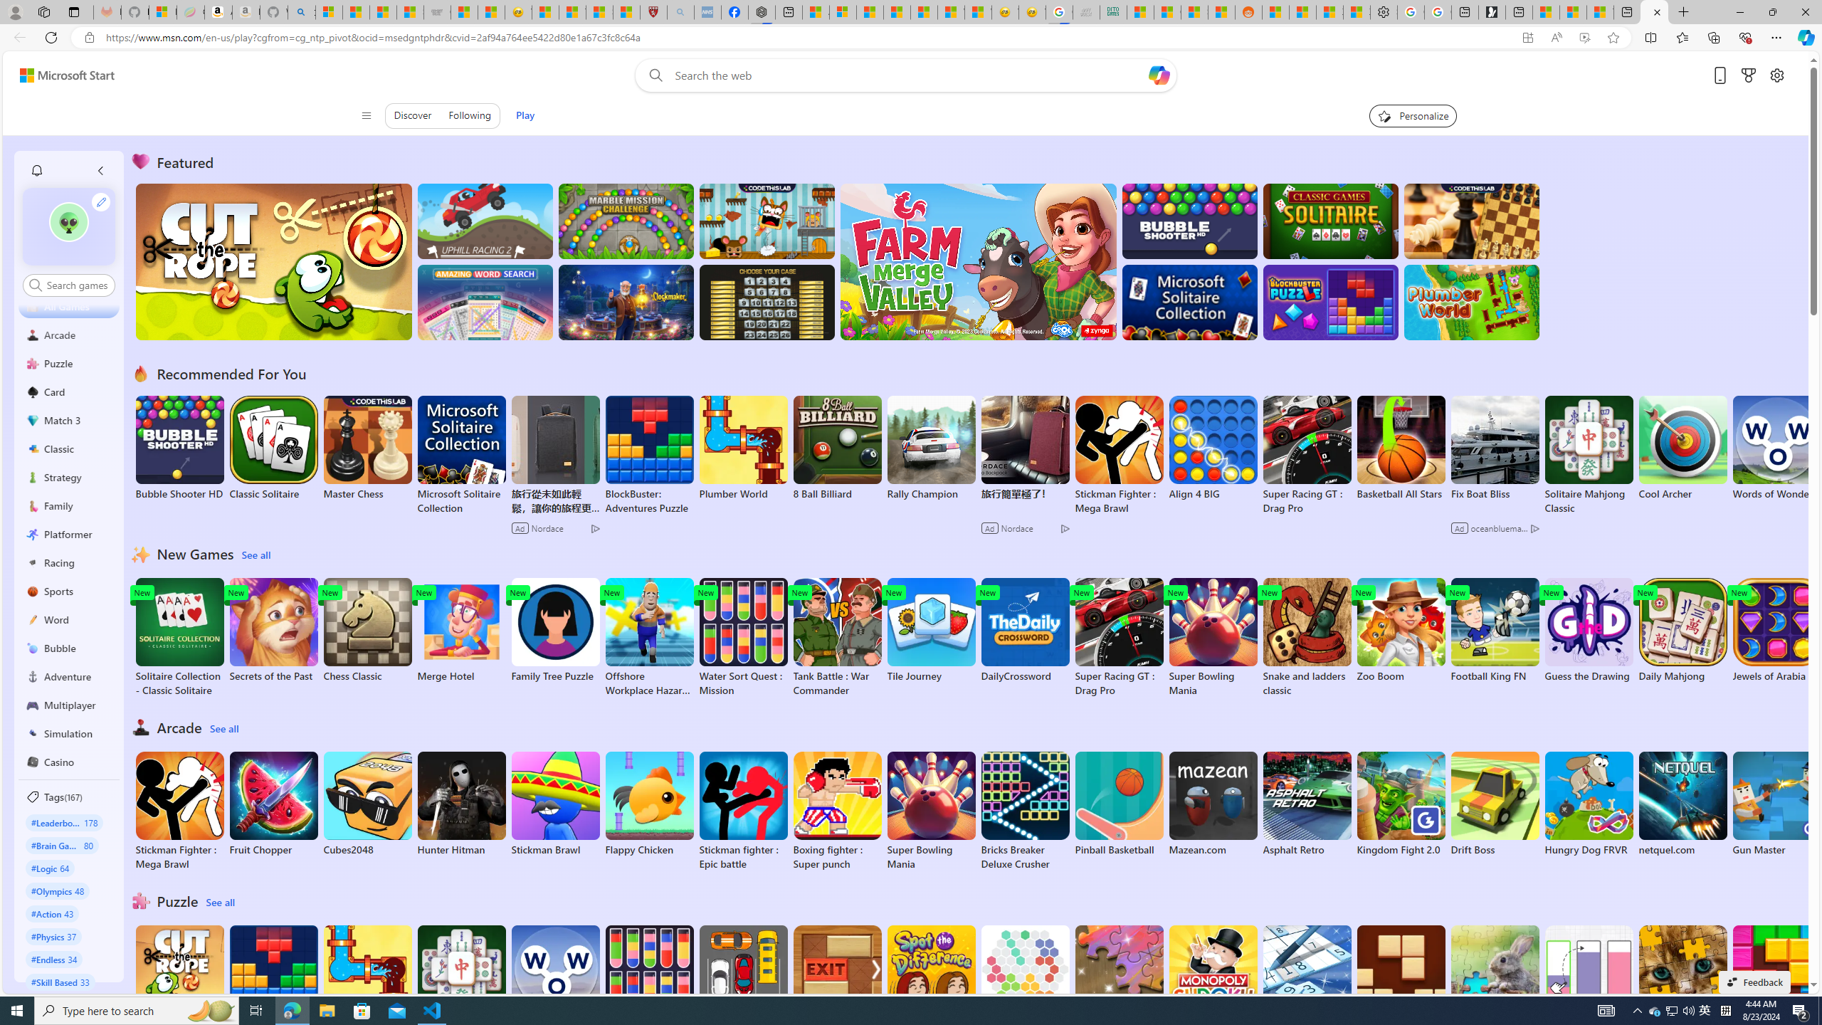 The width and height of the screenshot is (1822, 1025). What do you see at coordinates (836, 448) in the screenshot?
I see `'8 Ball Billiard'` at bounding box center [836, 448].